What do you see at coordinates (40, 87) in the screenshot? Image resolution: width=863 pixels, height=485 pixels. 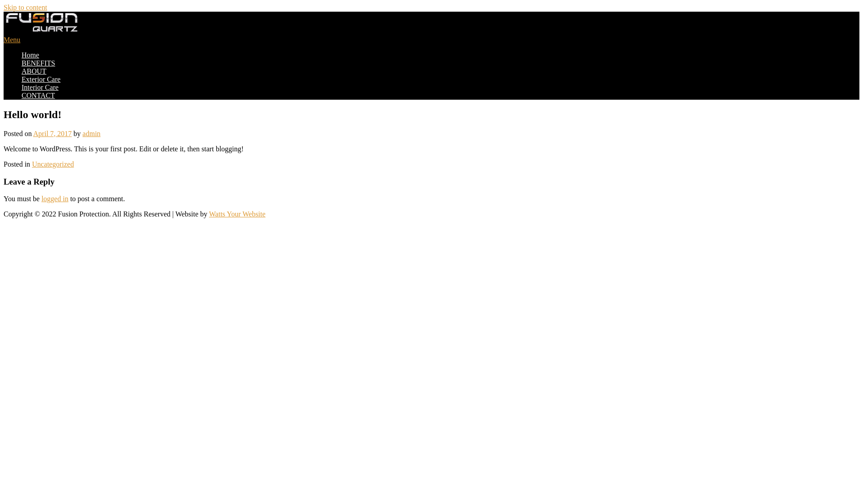 I see `'Interior Care'` at bounding box center [40, 87].